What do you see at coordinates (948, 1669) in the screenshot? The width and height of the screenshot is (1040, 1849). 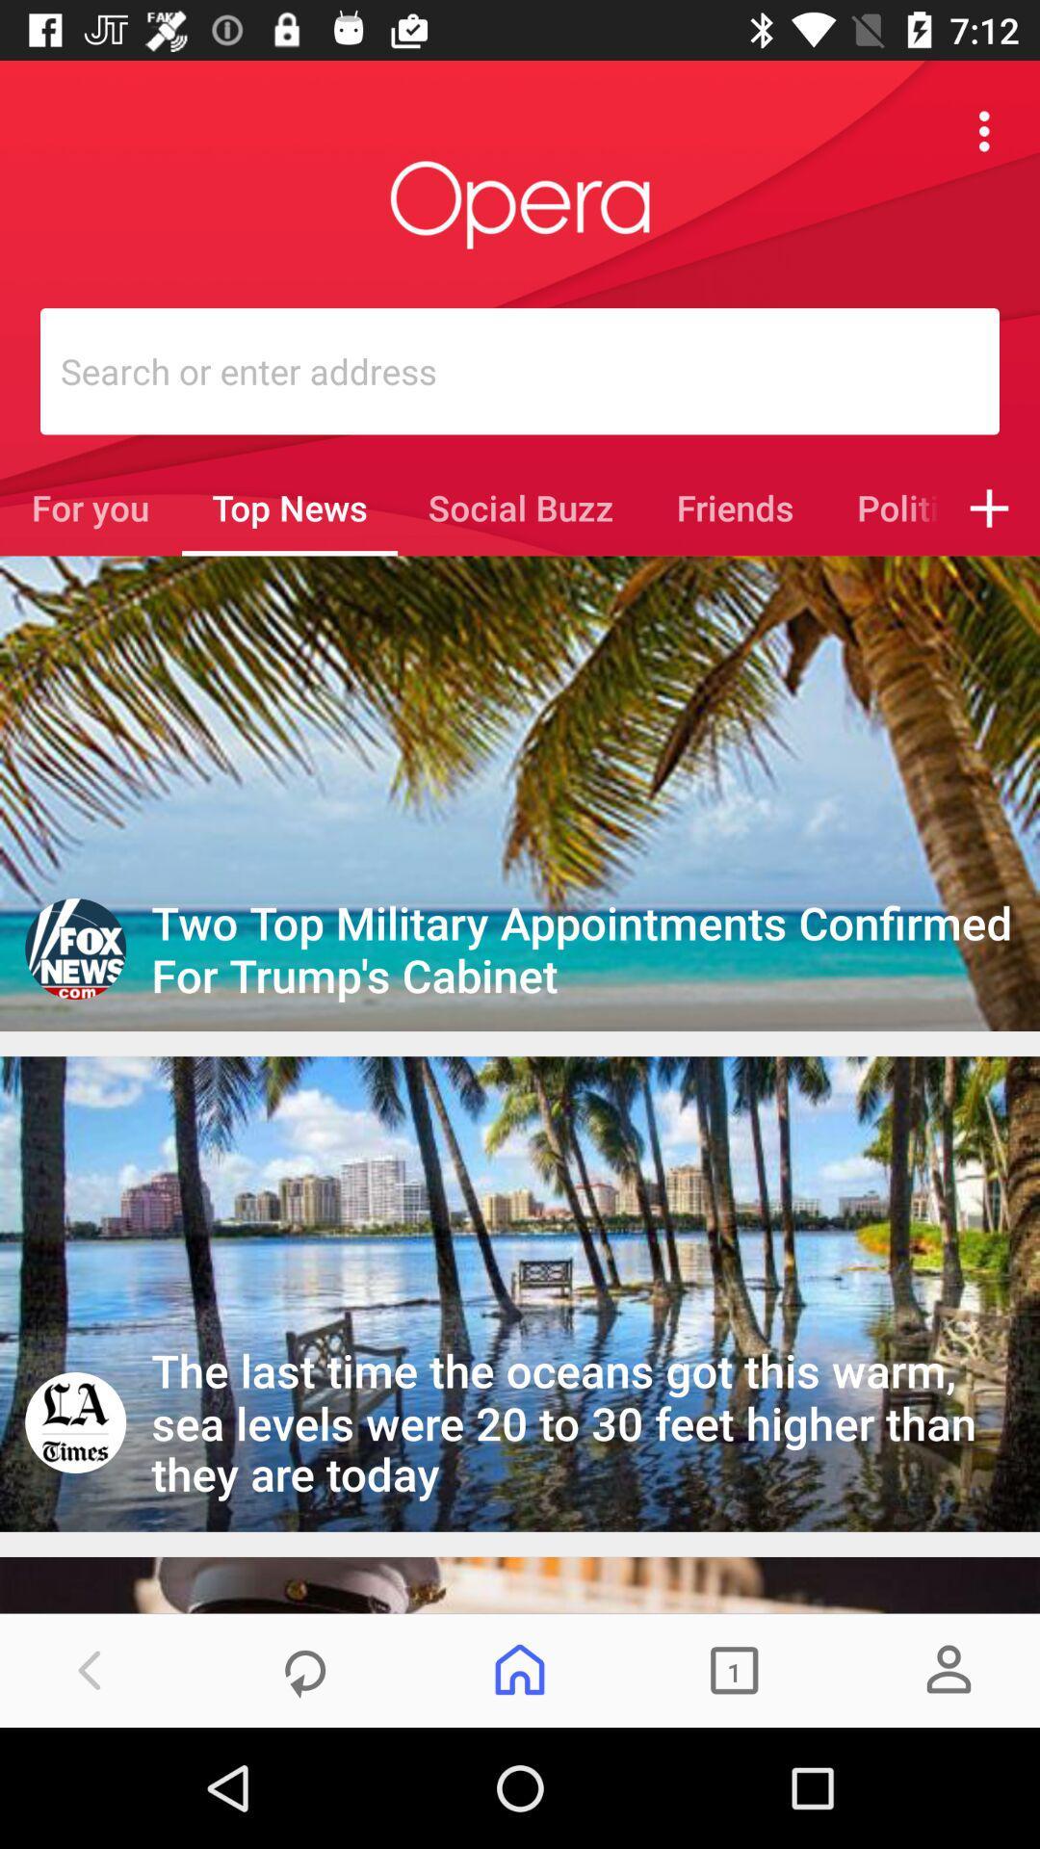 I see `the avatar icon` at bounding box center [948, 1669].